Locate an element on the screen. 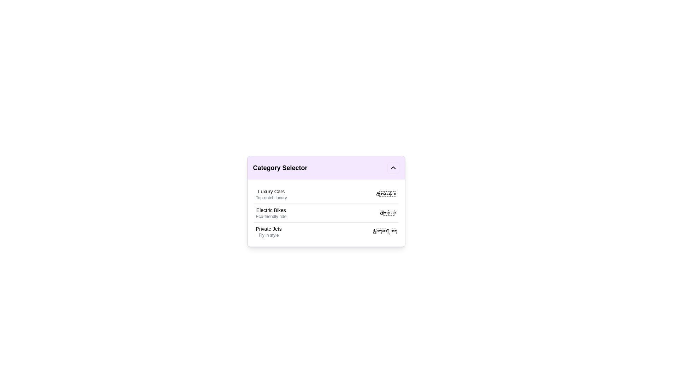 This screenshot has width=678, height=381. the text label element reading 'Top-notch luxury', which is positioned below the 'Luxury Cars' title in the 'Category Selector' list is located at coordinates (271, 198).